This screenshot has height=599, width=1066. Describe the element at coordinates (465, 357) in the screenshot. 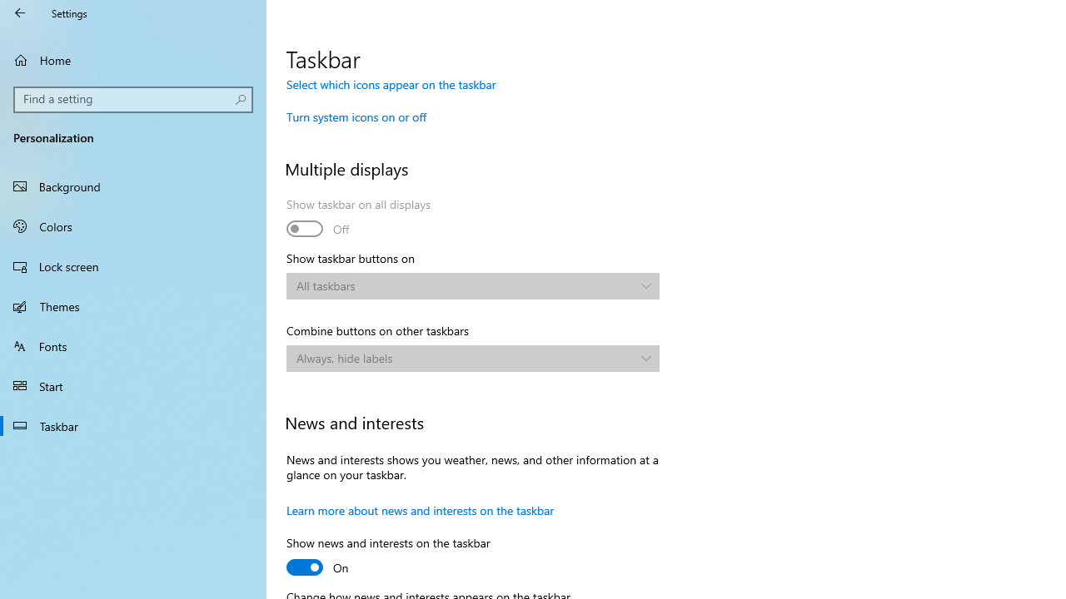

I see `'Always, hide labels'` at that location.